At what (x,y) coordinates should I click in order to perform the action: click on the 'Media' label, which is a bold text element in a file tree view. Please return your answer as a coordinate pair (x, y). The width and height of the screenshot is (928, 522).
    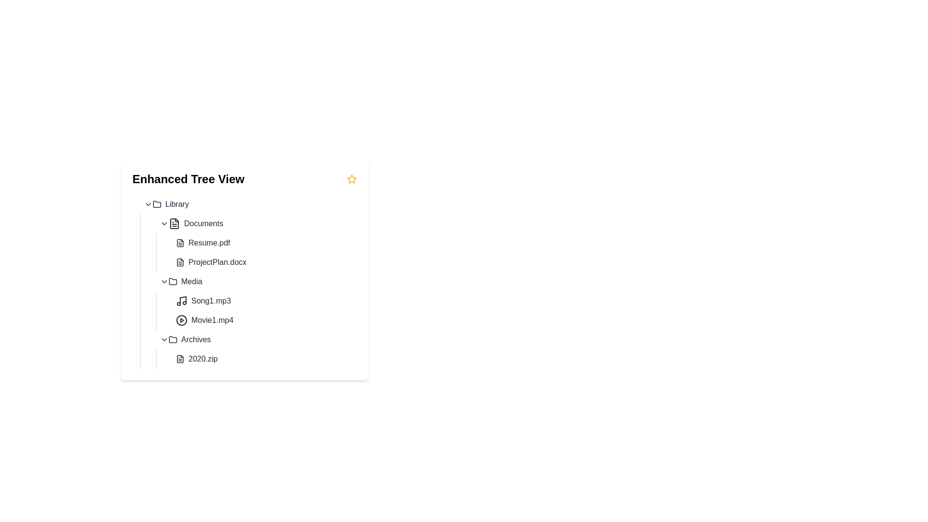
    Looking at the image, I should click on (191, 281).